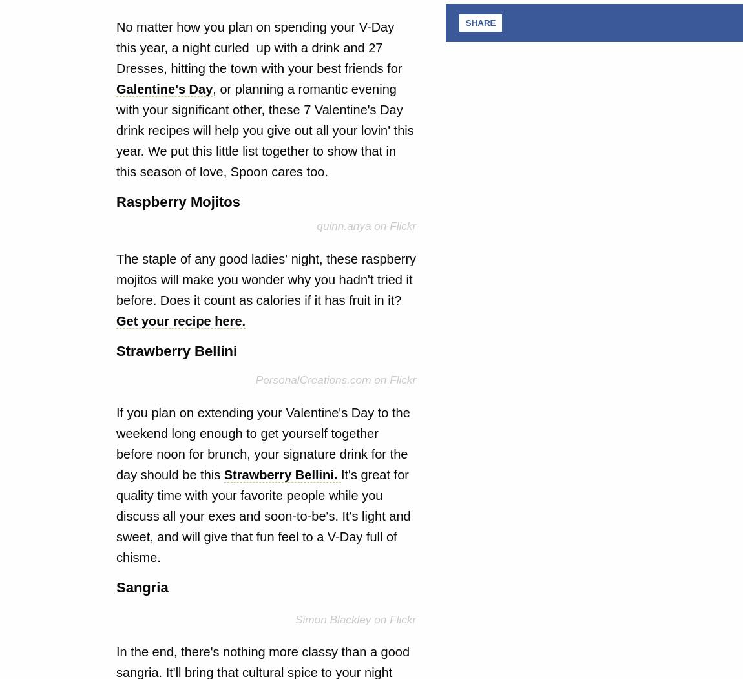 The image size is (743, 679). What do you see at coordinates (115, 443) in the screenshot?
I see `'If you plan on extending your Valentine's Day to the weekend long enough to get yourself together before noon for brunch, your signature drink for the day should be this'` at bounding box center [115, 443].